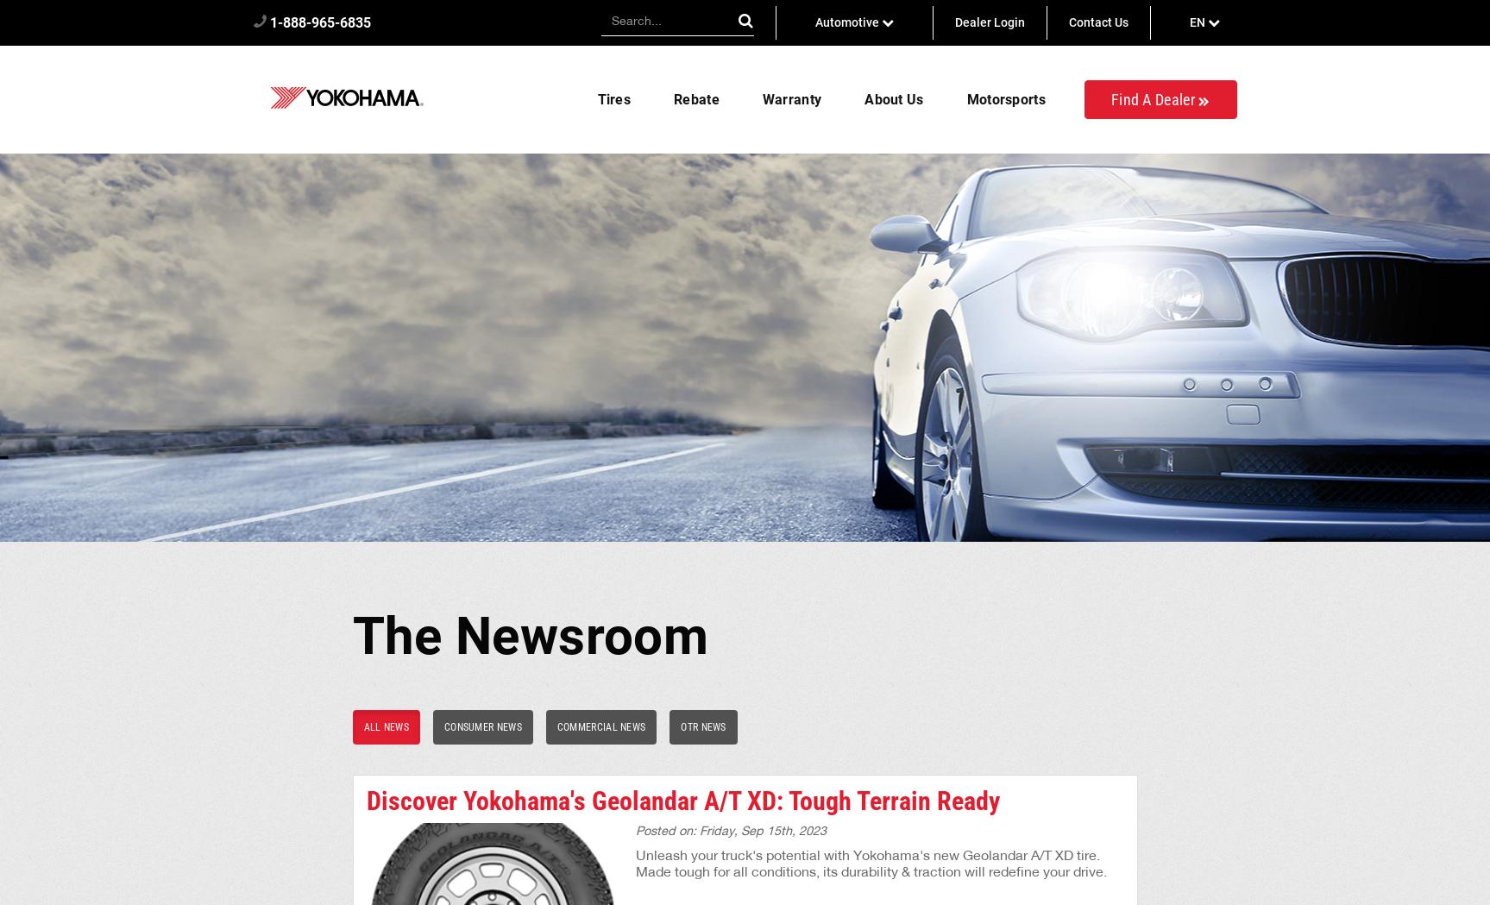 The image size is (1490, 905). Describe the element at coordinates (1097, 22) in the screenshot. I see `'Contact Us'` at that location.